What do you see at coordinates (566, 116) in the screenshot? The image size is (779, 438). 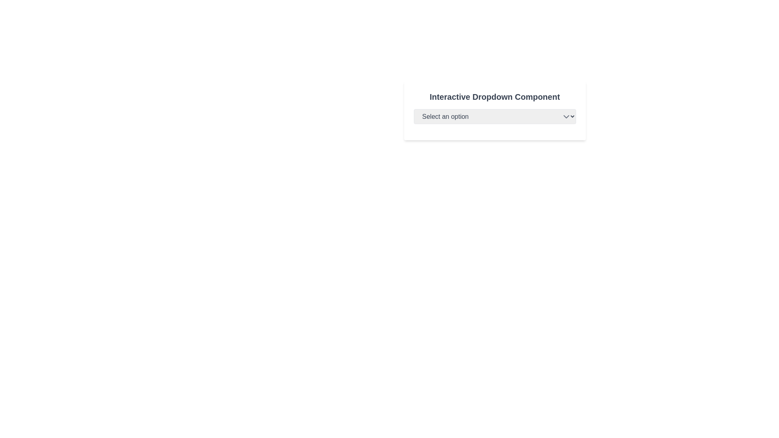 I see `the chevron icon located inside the dropdown field labeled 'Select an option'` at bounding box center [566, 116].